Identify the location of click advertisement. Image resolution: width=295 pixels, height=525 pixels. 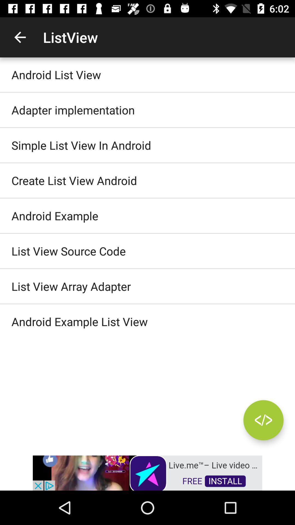
(147, 472).